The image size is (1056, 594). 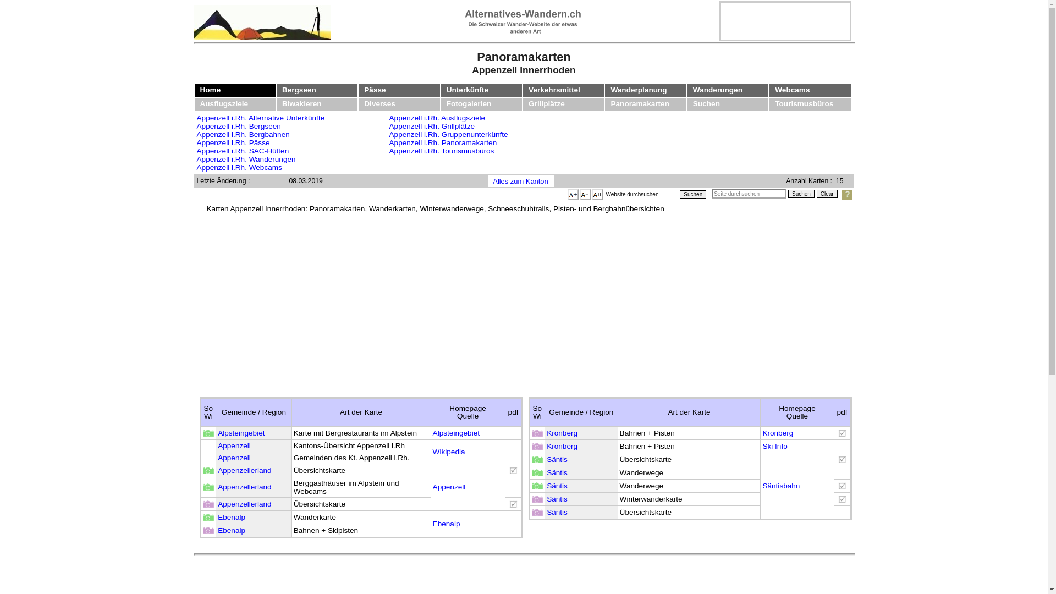 I want to click on 'Wikipedia', so click(x=449, y=452).